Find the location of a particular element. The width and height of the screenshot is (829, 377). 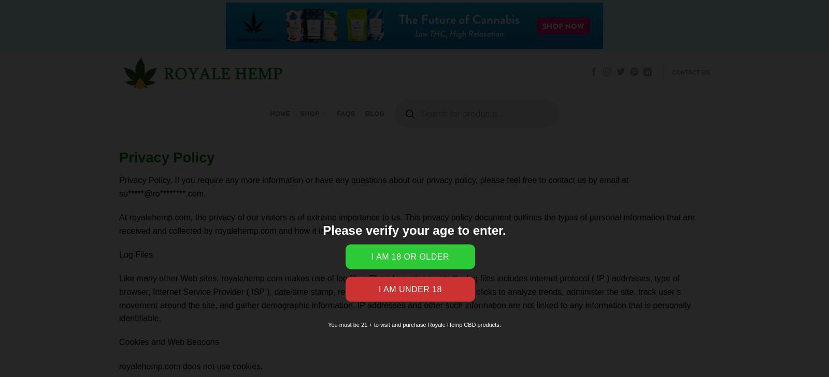

'Privacy Policy' is located at coordinates (119, 157).